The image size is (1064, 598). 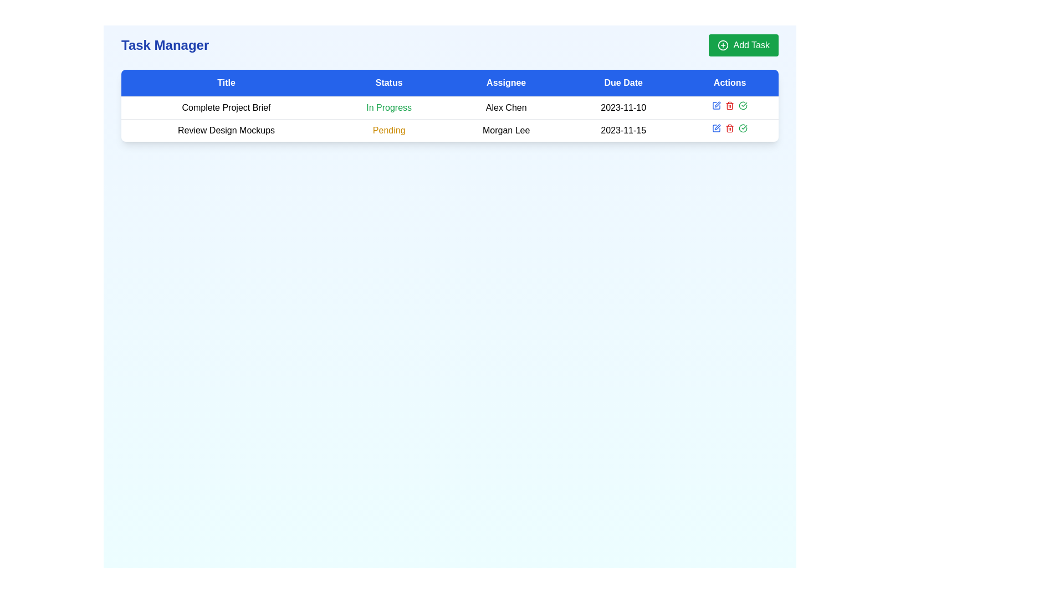 I want to click on the editing tool icon (pen/pencil) located in the second row under the 'Actions' column of the data table, so click(x=718, y=105).